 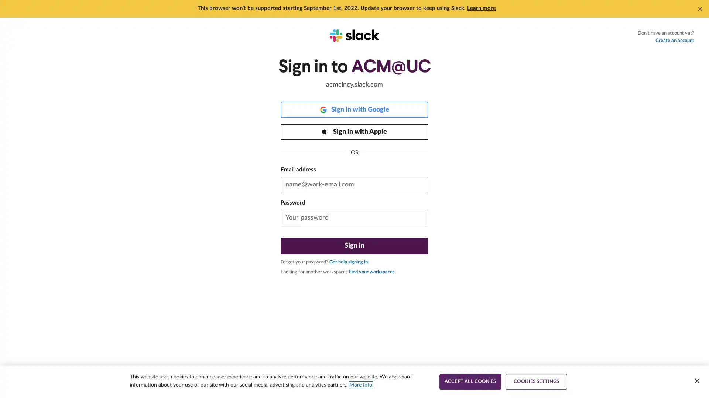 What do you see at coordinates (470, 381) in the screenshot?
I see `ACCEPT ALL COOKIES` at bounding box center [470, 381].